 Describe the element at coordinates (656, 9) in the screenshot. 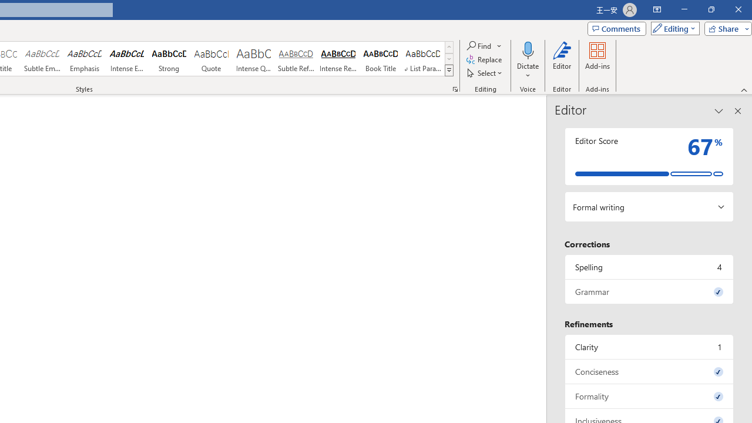

I see `'Ribbon Display Options'` at that location.